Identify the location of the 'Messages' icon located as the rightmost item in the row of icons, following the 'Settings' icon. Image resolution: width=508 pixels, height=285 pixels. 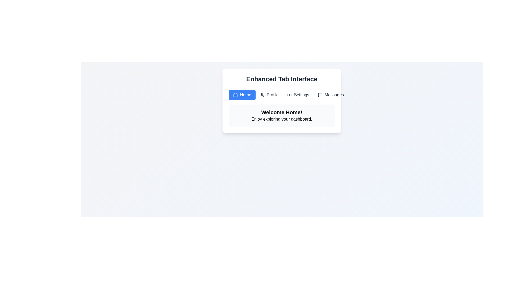
(320, 94).